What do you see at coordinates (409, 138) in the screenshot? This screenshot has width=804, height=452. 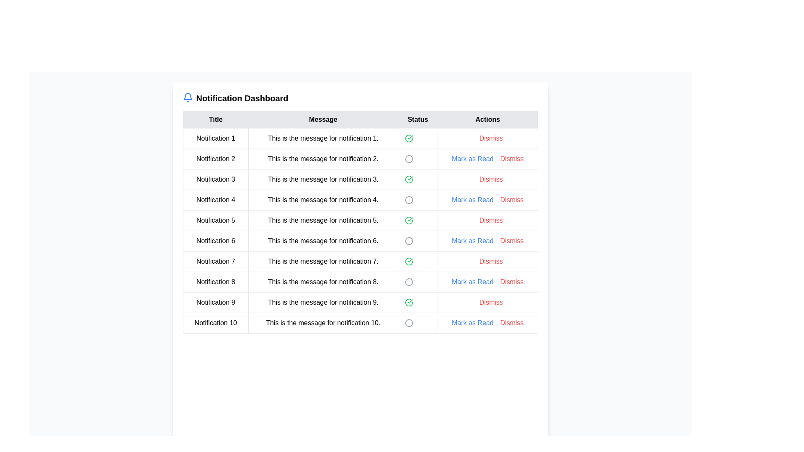 I see `the circular check mark icon in the 'Status' column of the first row corresponding to 'Notification 1'` at bounding box center [409, 138].